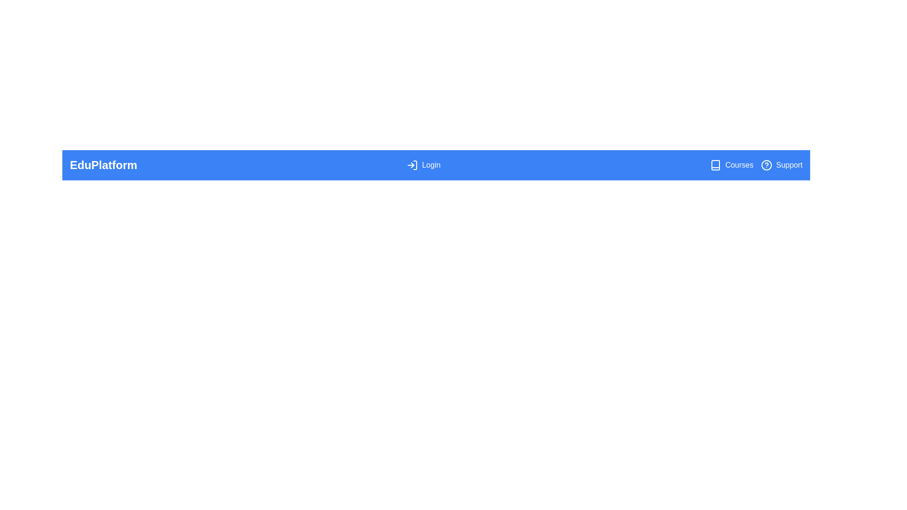  What do you see at coordinates (103, 165) in the screenshot?
I see `the branding/logo text located on the far left of the blue horizontal bar in the interface` at bounding box center [103, 165].